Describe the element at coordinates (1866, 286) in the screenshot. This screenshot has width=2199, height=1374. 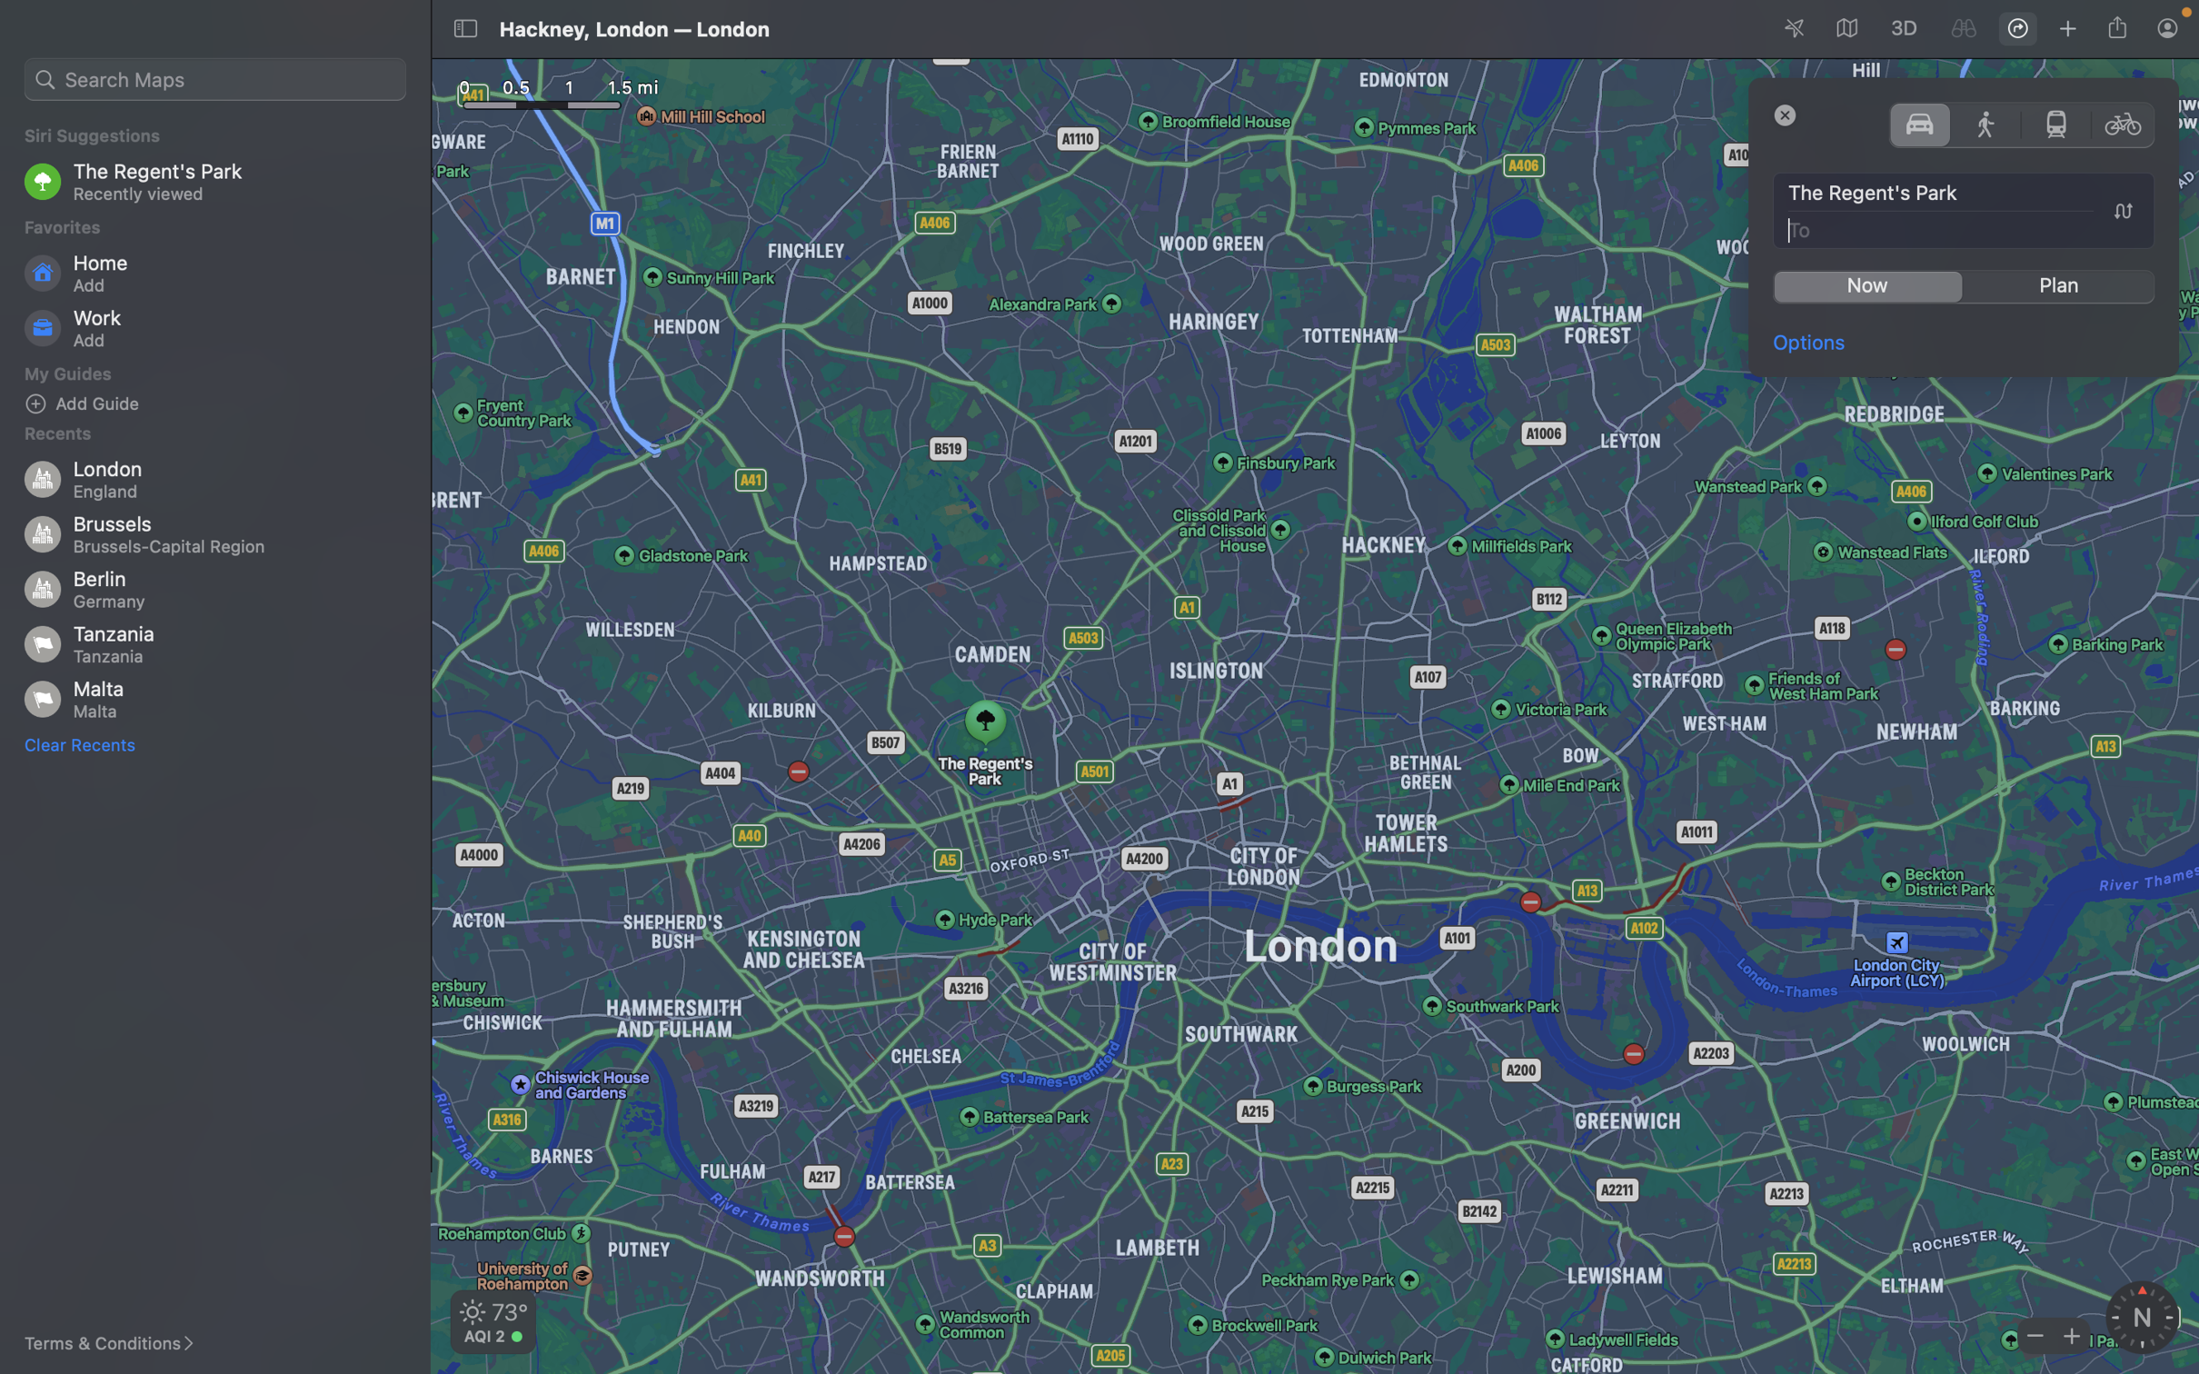
I see `Start the navigating system by hitting the "go now" button` at that location.